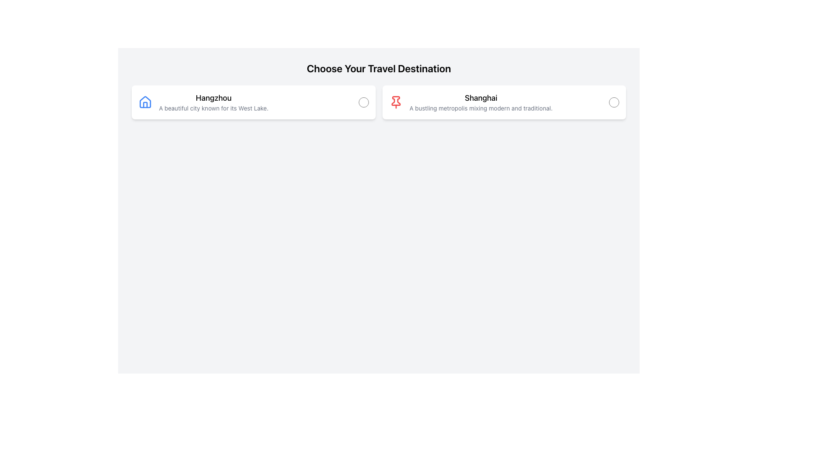 The image size is (816, 459). I want to click on text block that contains the bold 'Hangzhou' and the smaller grayish description 'A beautiful city known for its West Lake', located in the left card option below the house icon, so click(213, 102).